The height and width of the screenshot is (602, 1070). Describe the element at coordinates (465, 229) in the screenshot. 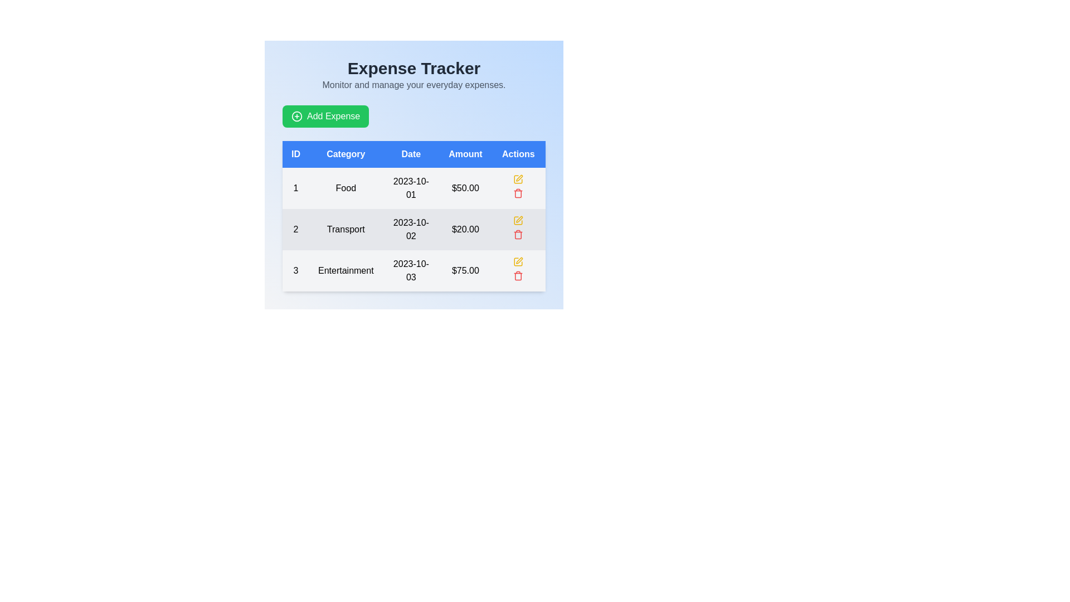

I see `the text label displaying '$20.00' in the fourth column of the second row of a data table, which represents the transaction amount for 'Transport' on '2023-10-02'` at that location.